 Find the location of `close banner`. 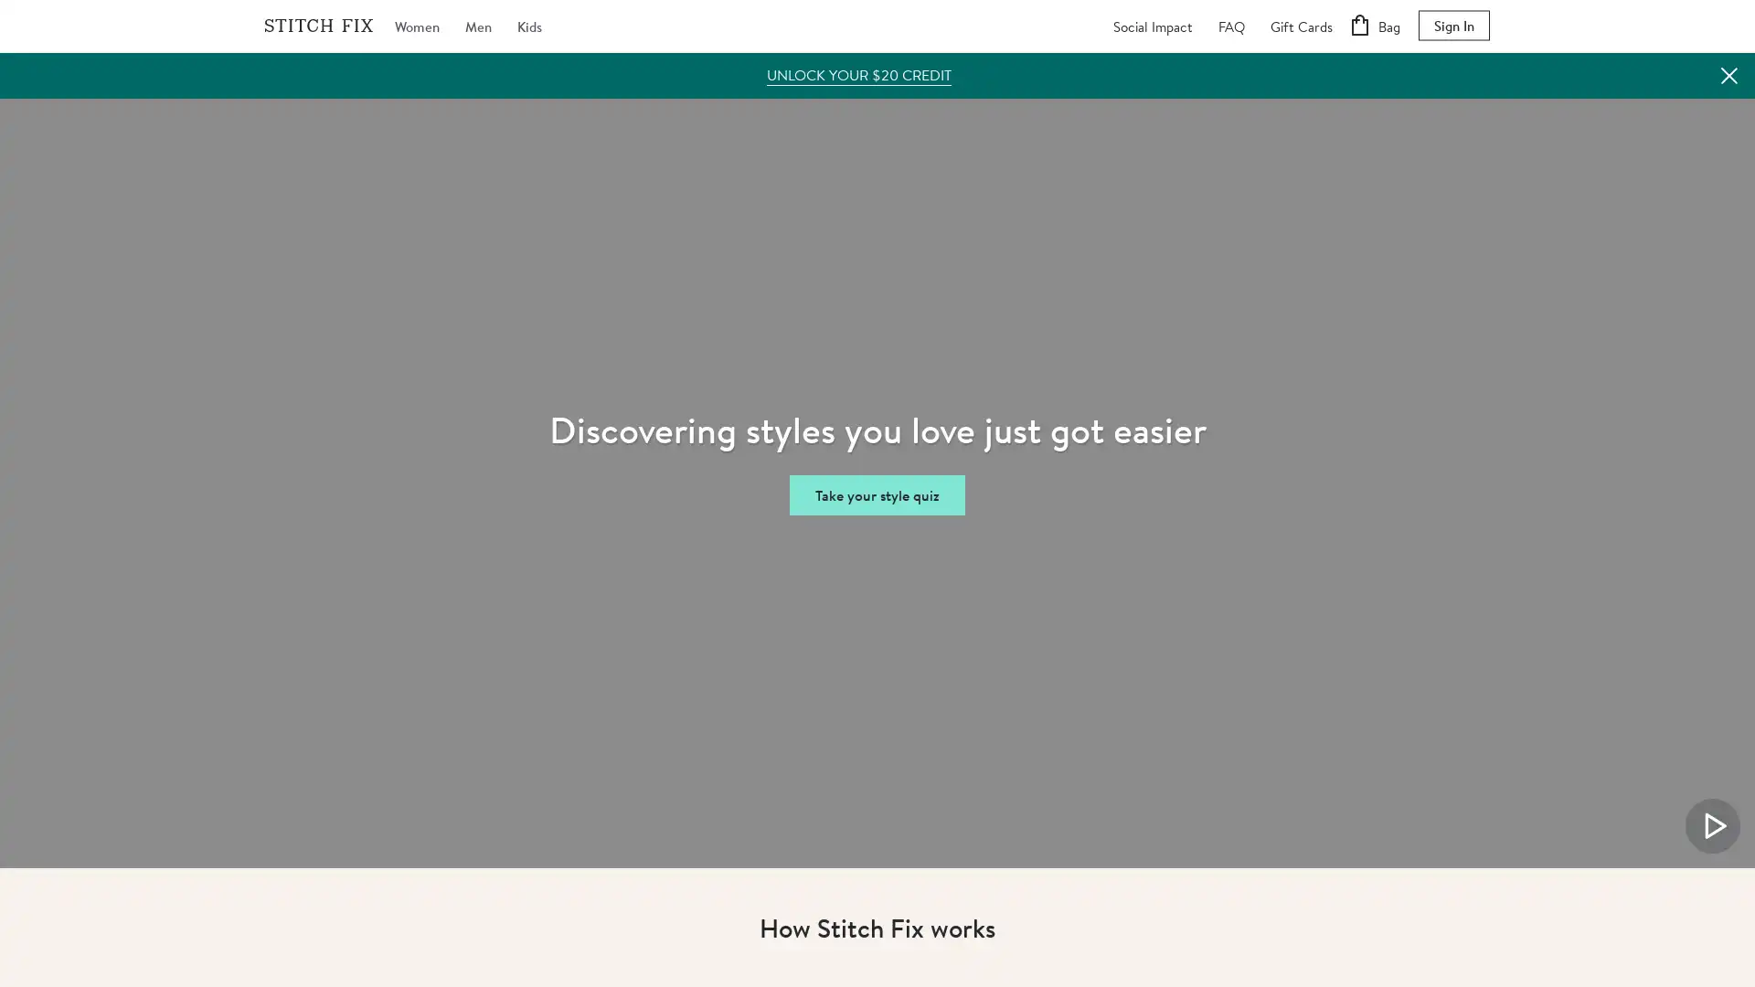

close banner is located at coordinates (1728, 73).